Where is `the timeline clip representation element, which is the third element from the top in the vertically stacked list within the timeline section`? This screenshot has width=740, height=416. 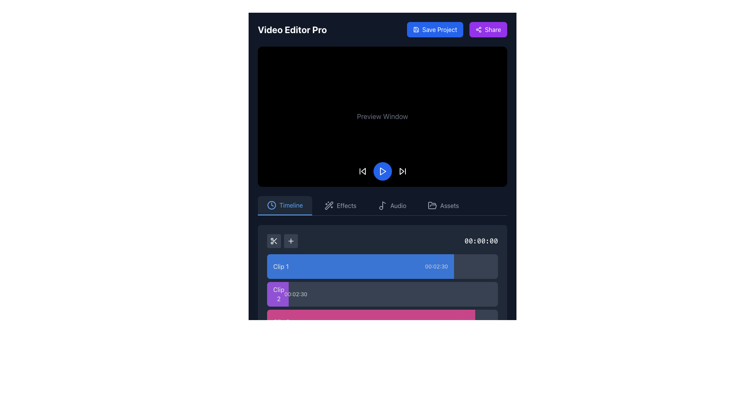 the timeline clip representation element, which is the third element from the top in the vertically stacked list within the timeline section is located at coordinates (382, 322).